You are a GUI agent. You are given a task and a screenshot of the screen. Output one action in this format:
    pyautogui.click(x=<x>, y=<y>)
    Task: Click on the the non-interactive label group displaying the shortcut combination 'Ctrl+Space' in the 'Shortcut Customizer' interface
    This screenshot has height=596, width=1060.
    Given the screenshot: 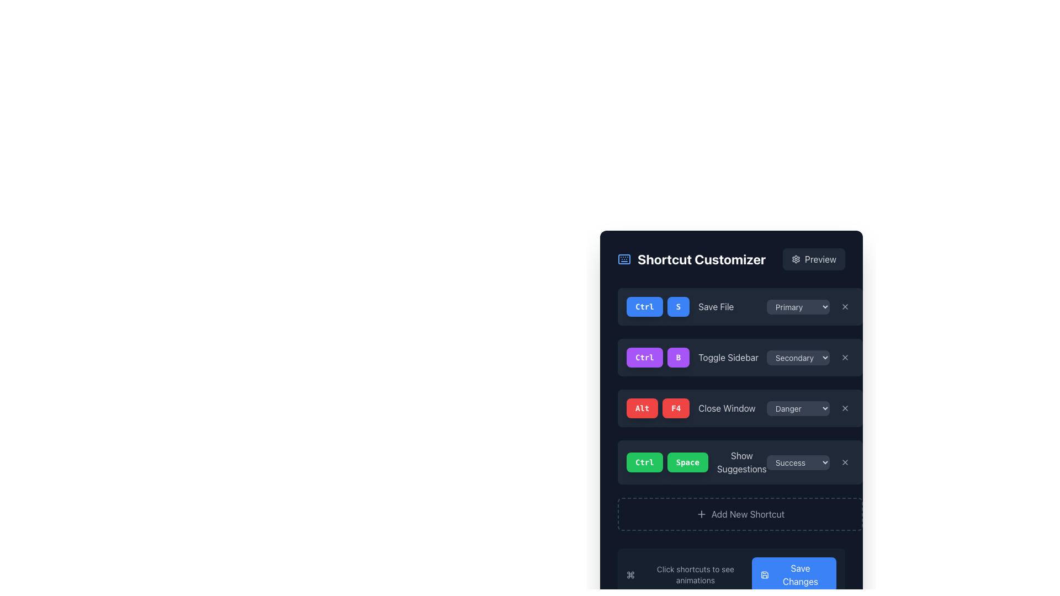 What is the action you would take?
    pyautogui.click(x=667, y=462)
    